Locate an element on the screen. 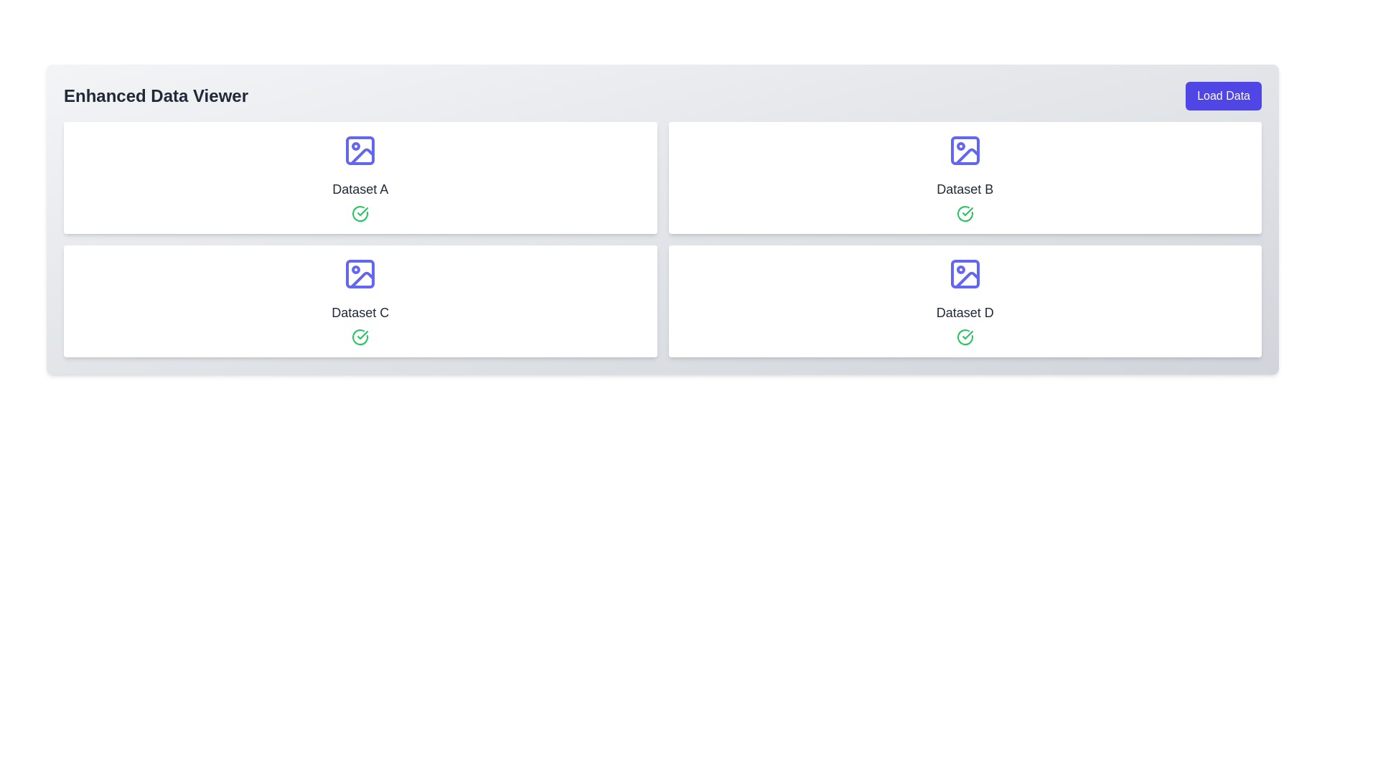 This screenshot has width=1378, height=775. the purple photograph icon representing a mountain and sun, located within the 'Dataset A' card is located at coordinates (362, 156).